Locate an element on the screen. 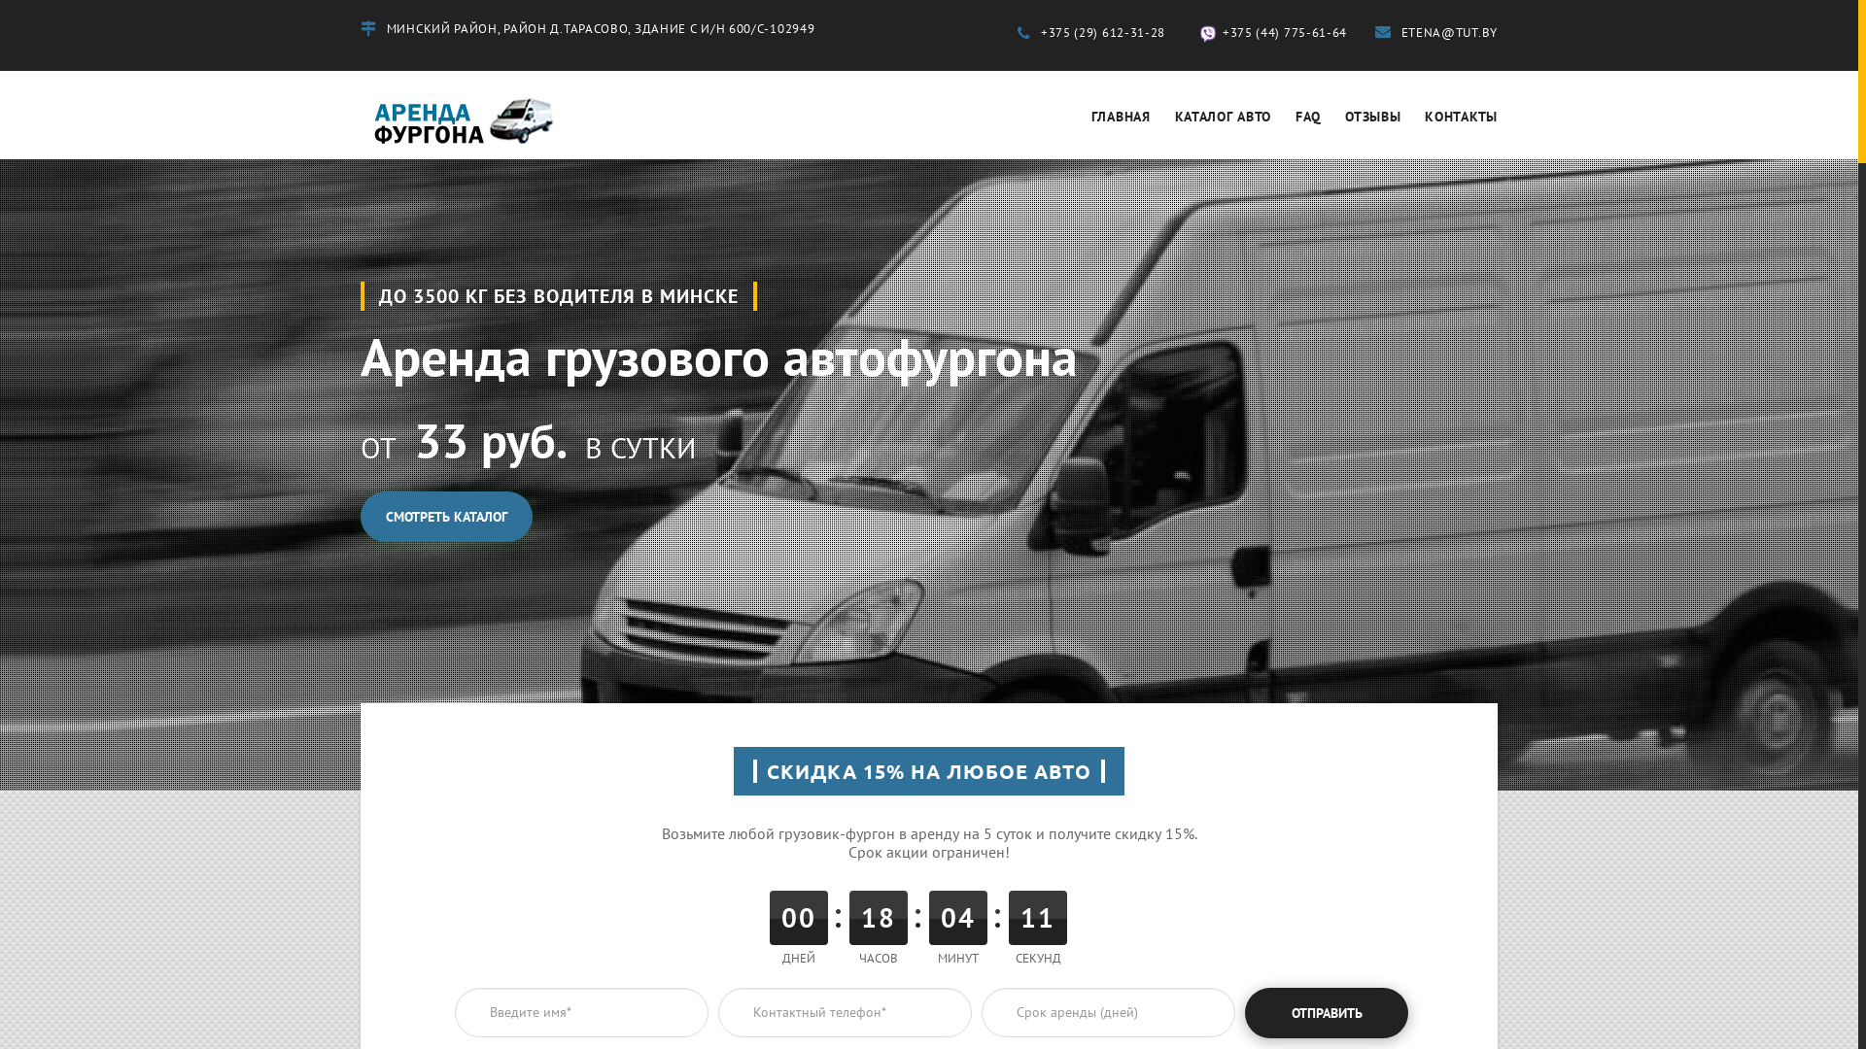  '+375 (29) 612-31-28' is located at coordinates (1091, 32).